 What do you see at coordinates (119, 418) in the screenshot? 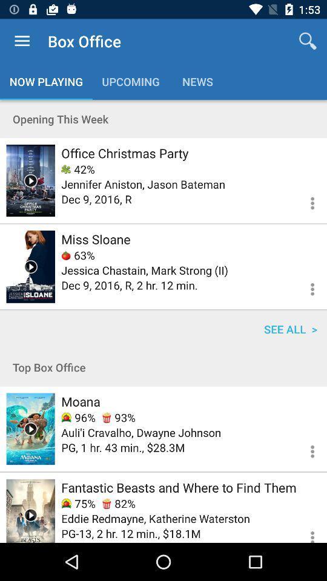
I see `icon next to moana icon` at bounding box center [119, 418].